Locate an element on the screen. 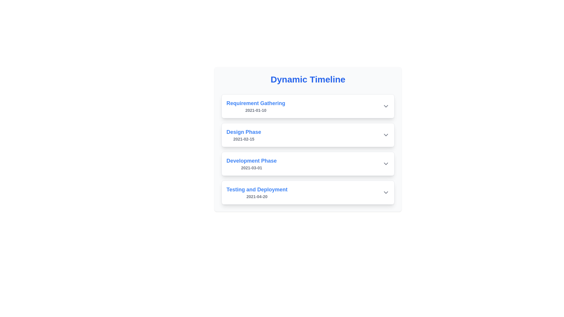 The height and width of the screenshot is (317, 564). the 'Testing and Deployment' text label in the lower part of the 'Dynamic Timeline', which serves as the title for the fourth section above the date '2021-04-20' is located at coordinates (257, 189).